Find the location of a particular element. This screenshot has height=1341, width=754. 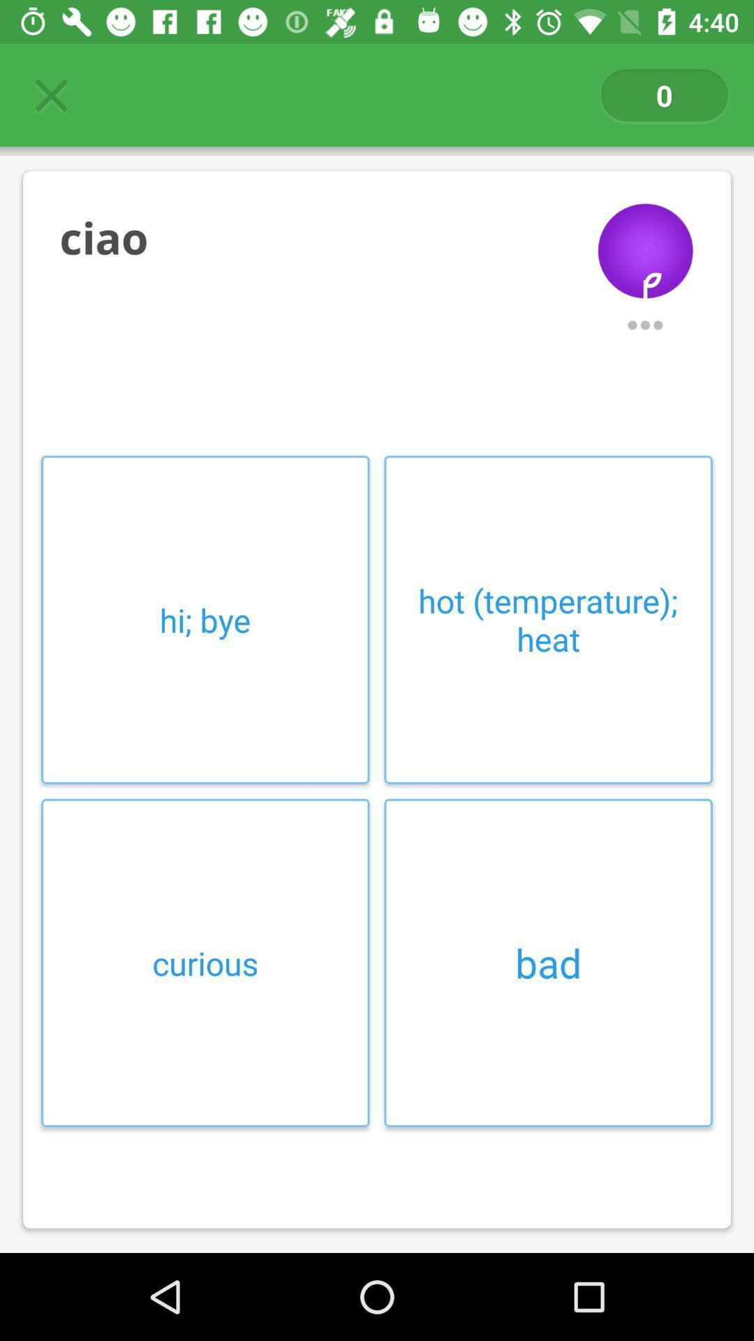

icon on the right is located at coordinates (547, 619).